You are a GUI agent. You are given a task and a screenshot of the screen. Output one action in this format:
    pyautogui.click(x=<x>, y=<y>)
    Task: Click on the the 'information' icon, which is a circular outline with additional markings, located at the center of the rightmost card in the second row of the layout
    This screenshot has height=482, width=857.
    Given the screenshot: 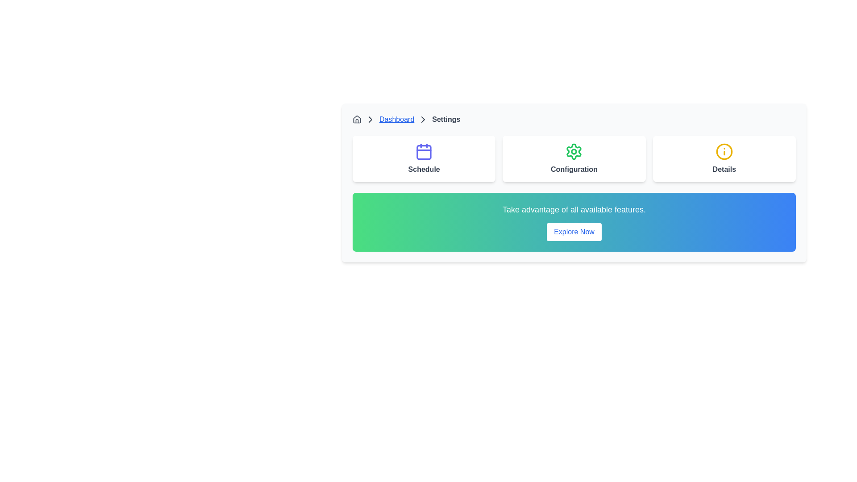 What is the action you would take?
    pyautogui.click(x=724, y=151)
    